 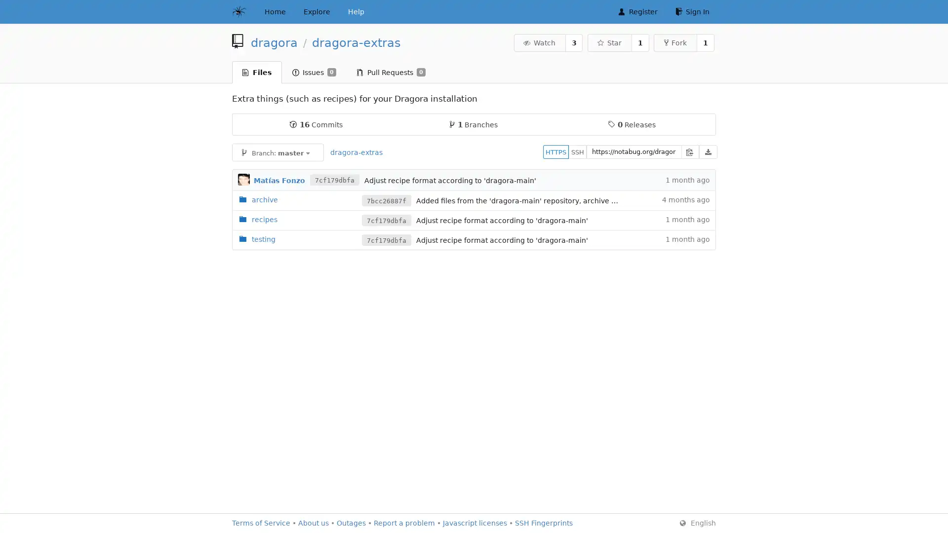 What do you see at coordinates (578, 152) in the screenshot?
I see `SSH` at bounding box center [578, 152].